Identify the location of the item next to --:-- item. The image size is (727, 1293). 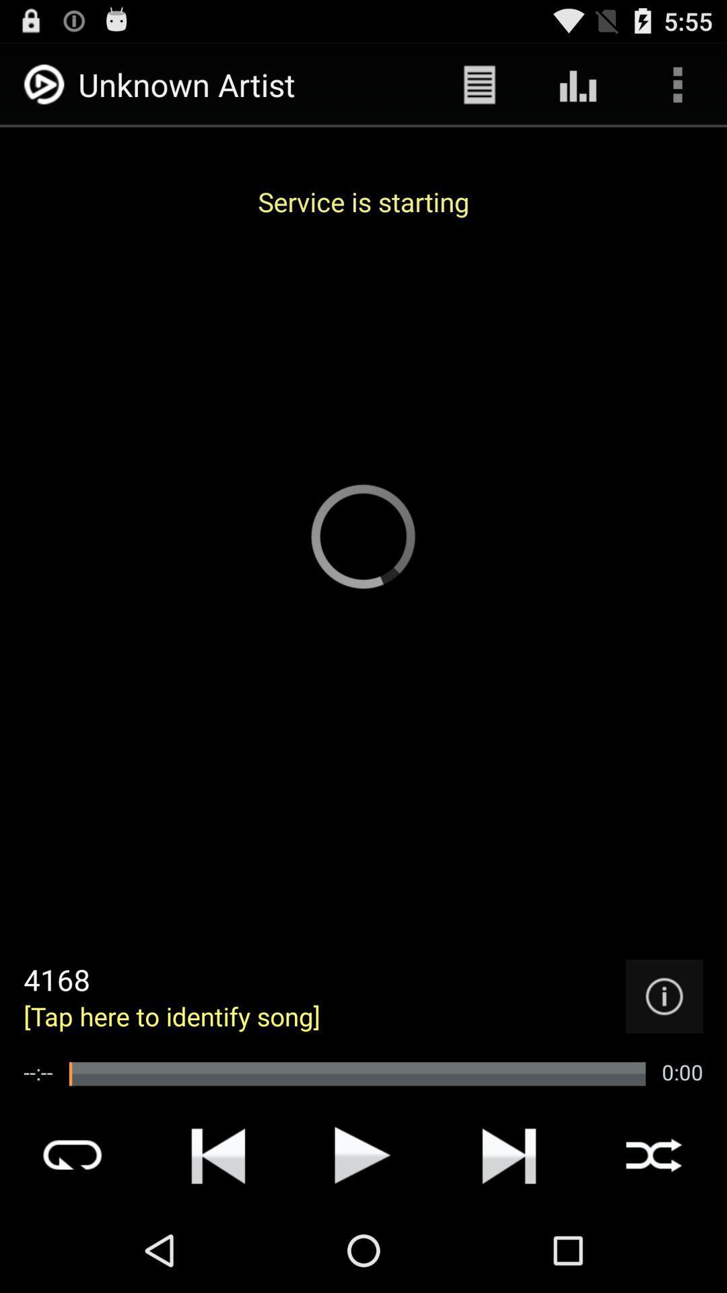
(357, 1073).